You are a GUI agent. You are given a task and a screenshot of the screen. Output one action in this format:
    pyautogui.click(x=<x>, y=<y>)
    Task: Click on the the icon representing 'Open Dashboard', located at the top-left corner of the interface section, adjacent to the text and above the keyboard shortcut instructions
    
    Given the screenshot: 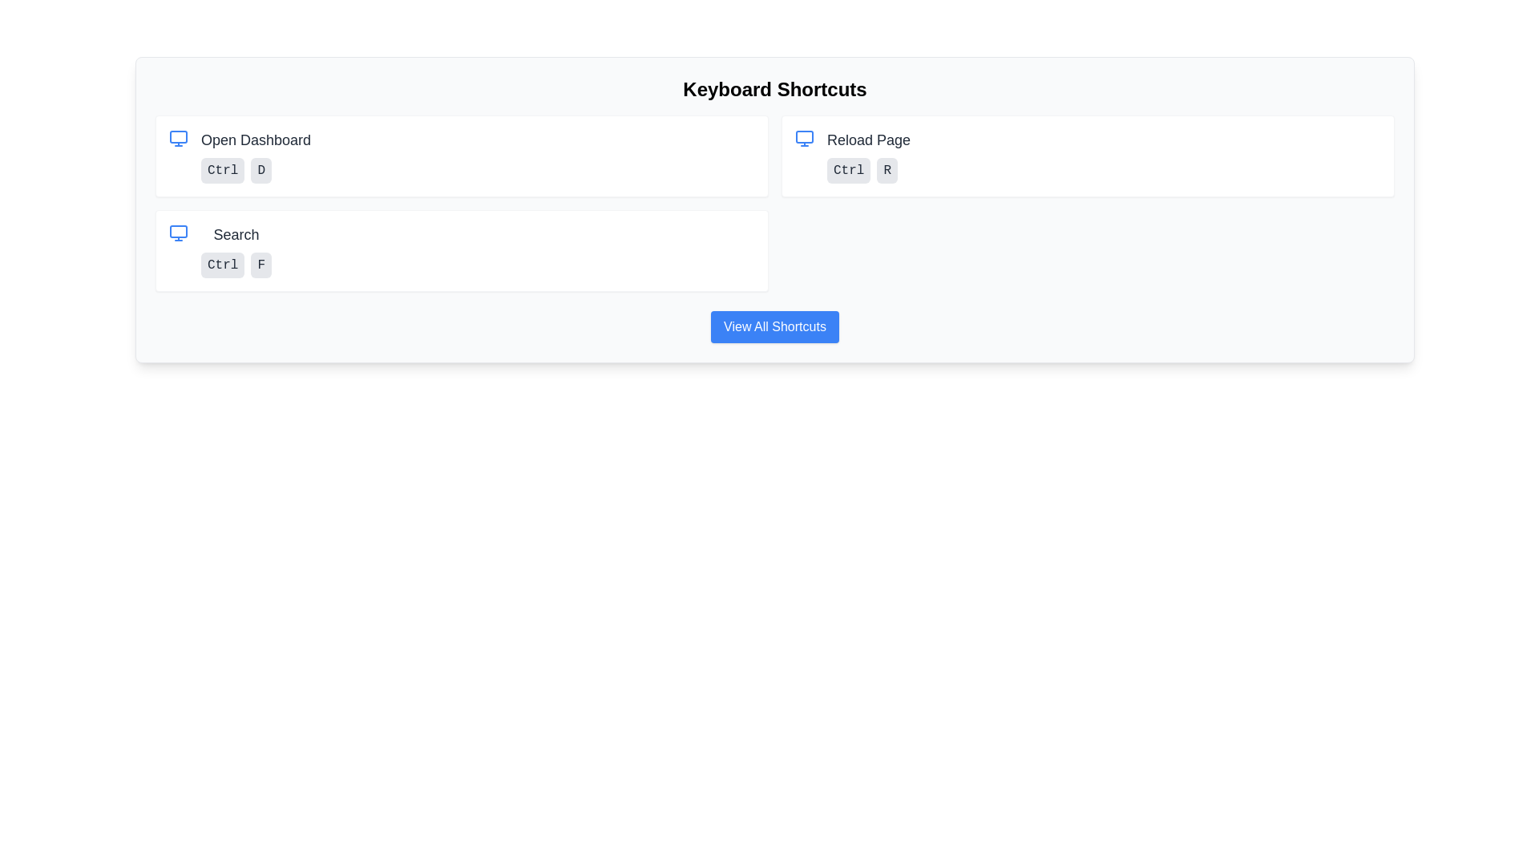 What is the action you would take?
    pyautogui.click(x=178, y=138)
    